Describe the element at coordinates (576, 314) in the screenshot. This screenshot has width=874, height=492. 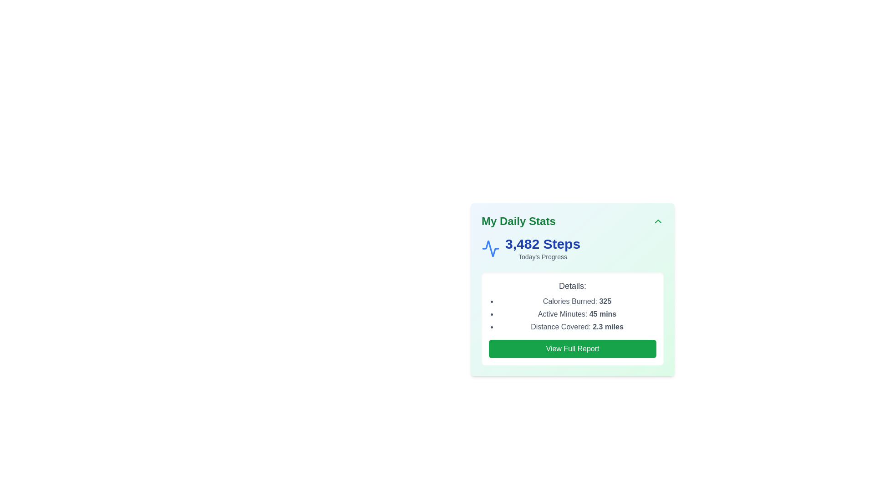
I see `the 'Active Minutes: 45 mins' text label, which is the second item in a bulleted list under 'Calories Burned: 325' and above 'Distance Covered: 2.3 miles', located in the center-right side of the 'My Daily Stats' card` at that location.